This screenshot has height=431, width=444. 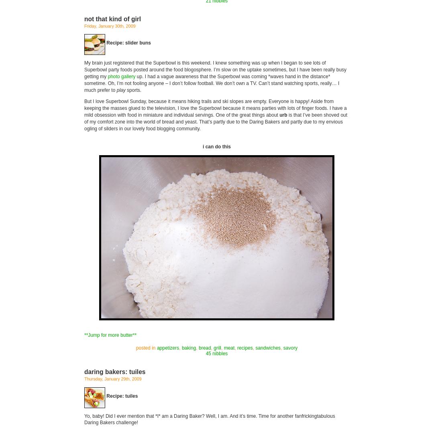 I want to click on 'appetizers', so click(x=167, y=348).